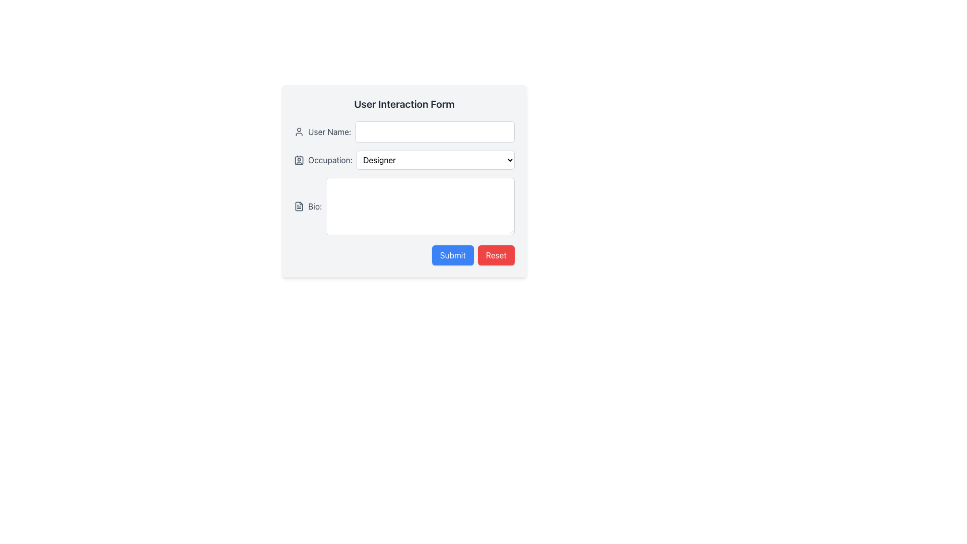 This screenshot has width=967, height=544. What do you see at coordinates (299, 206) in the screenshot?
I see `the gray rectangular document icon with a folded corner, which is part of the 'Bio' input field label` at bounding box center [299, 206].